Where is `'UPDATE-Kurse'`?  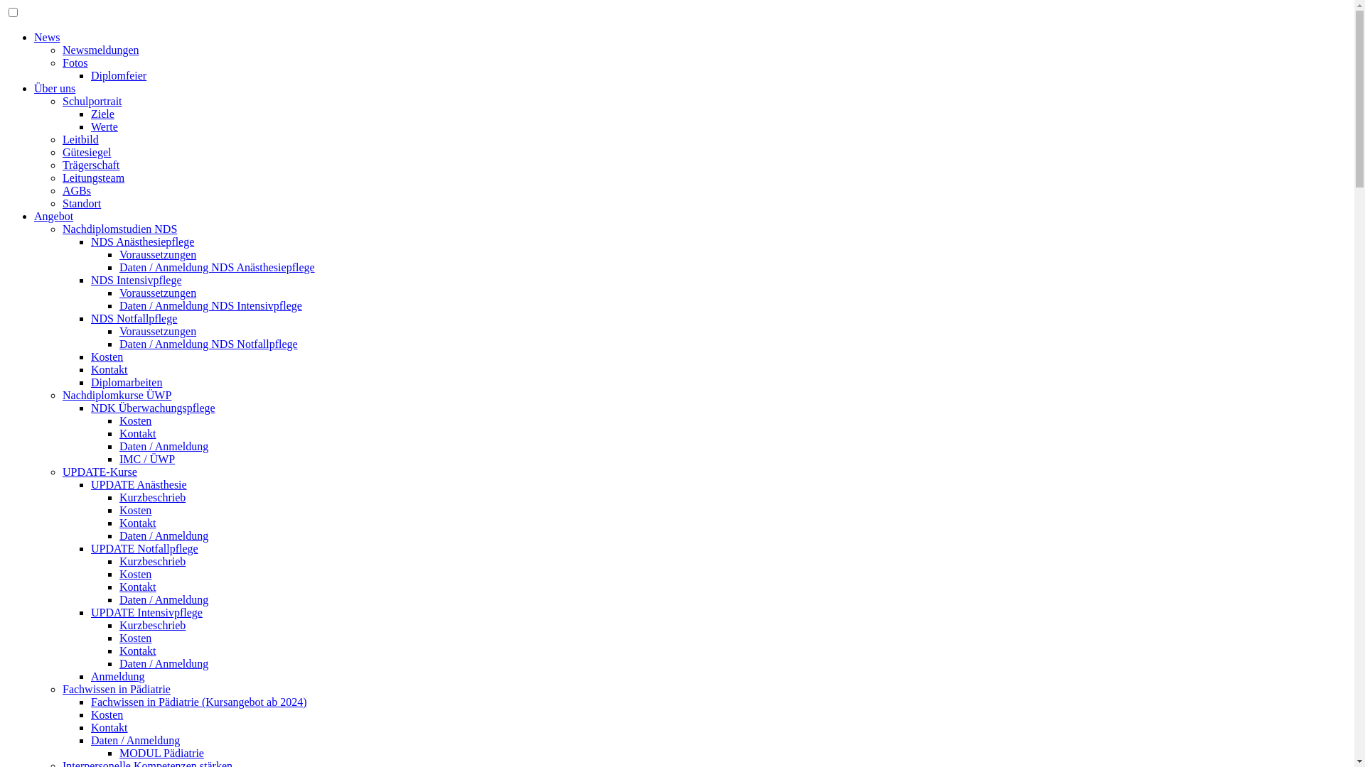
'UPDATE-Kurse' is located at coordinates (99, 472).